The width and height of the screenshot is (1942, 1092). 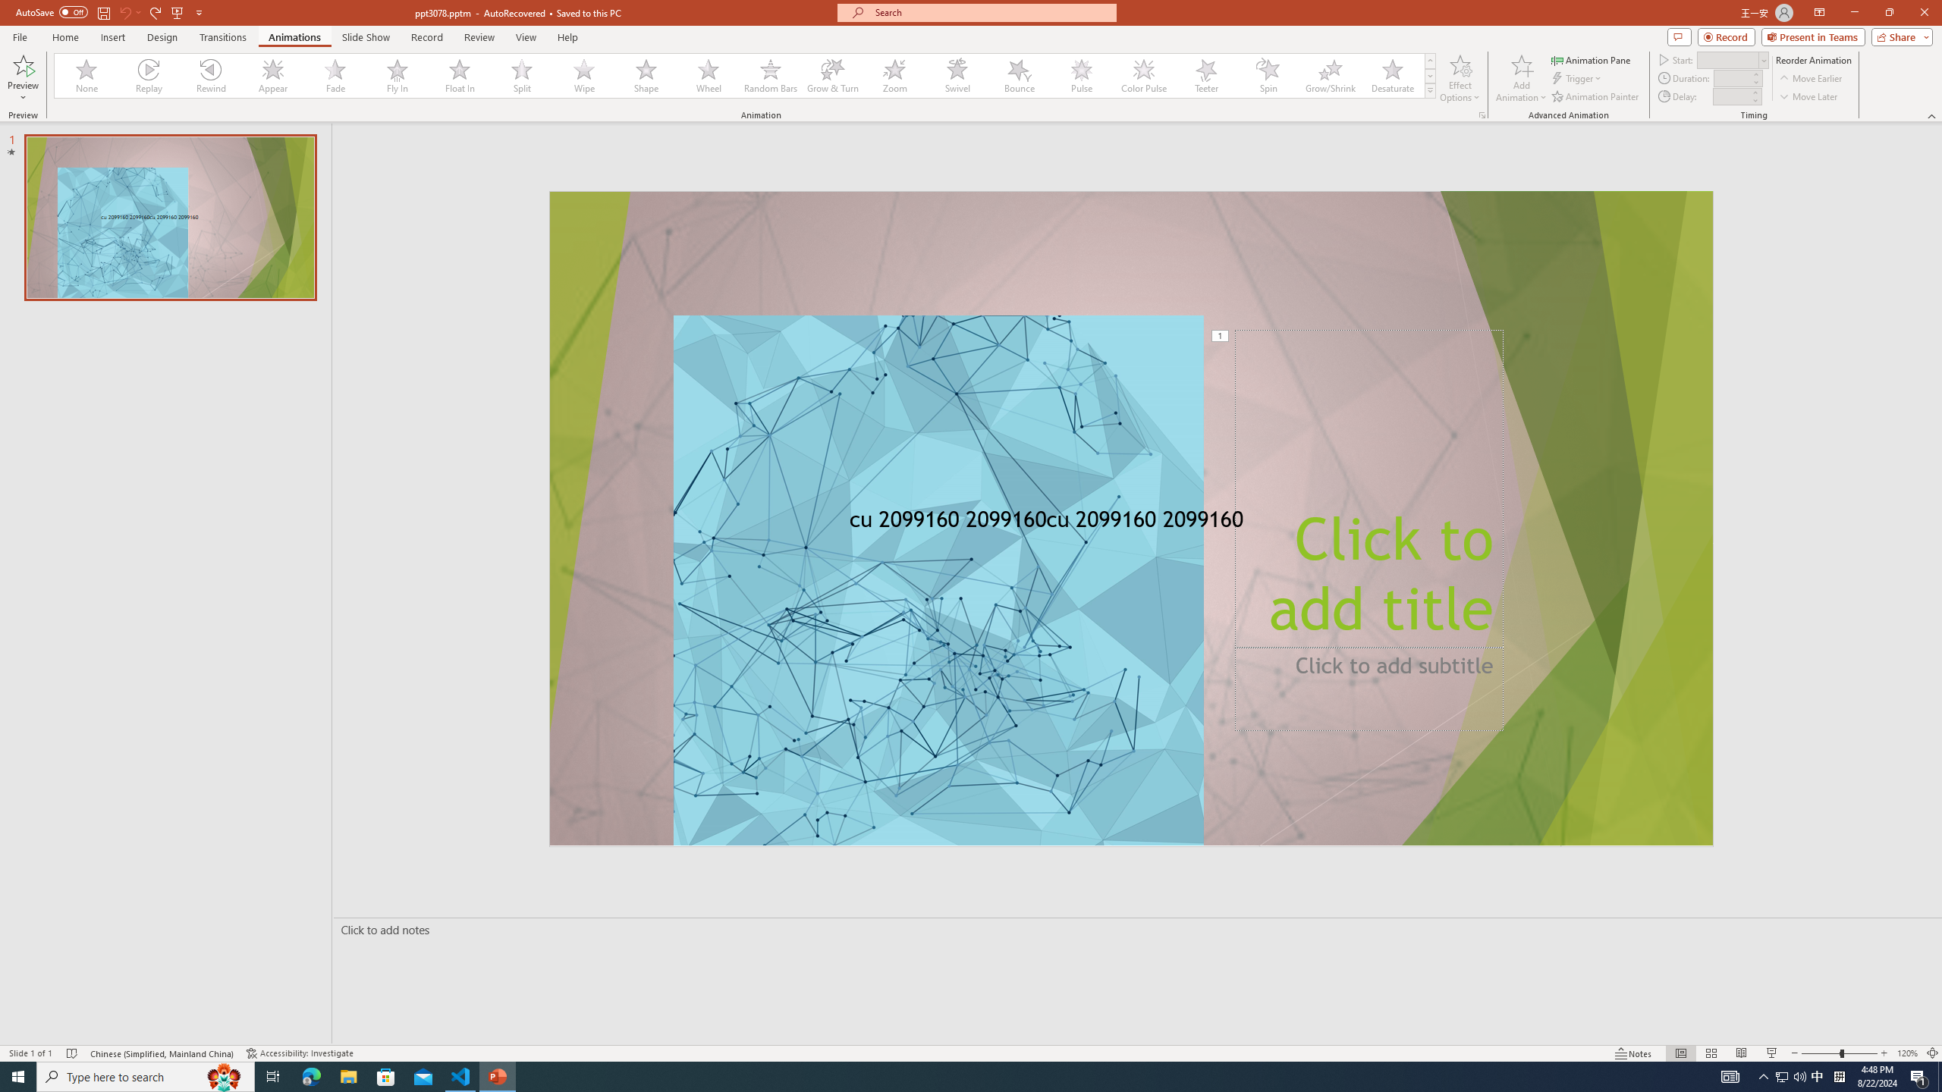 I want to click on 'Animation Painter', so click(x=1595, y=96).